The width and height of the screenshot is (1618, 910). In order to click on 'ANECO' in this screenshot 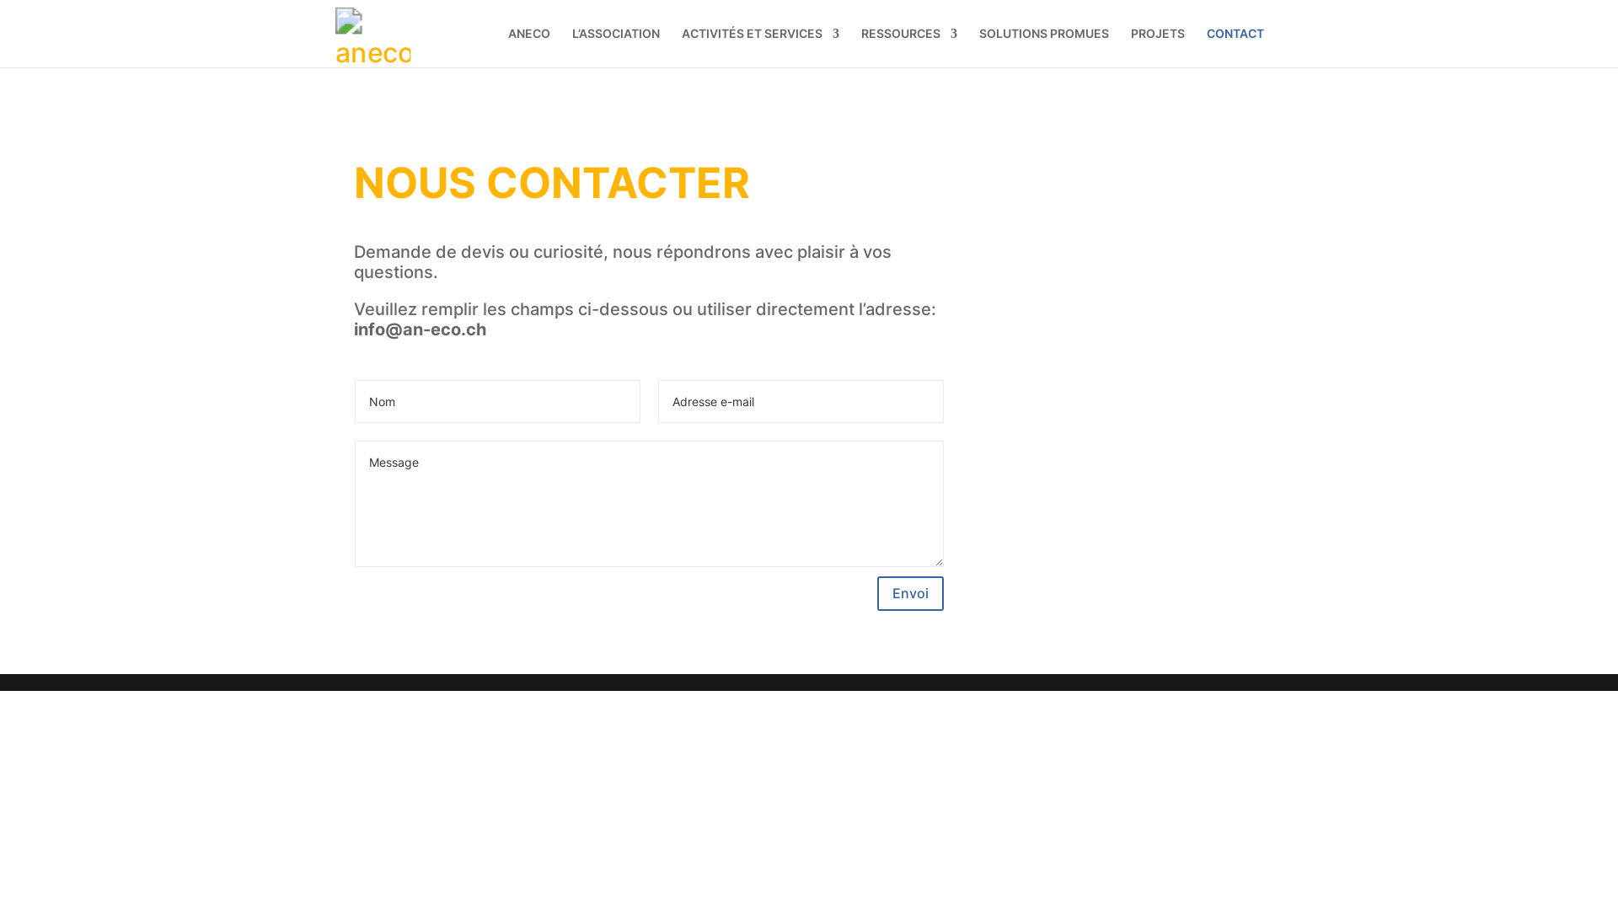, I will do `click(528, 46)`.